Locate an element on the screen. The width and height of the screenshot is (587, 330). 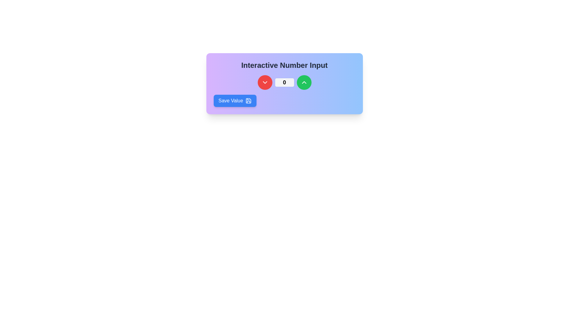
the circular green button with a white upward chevron icon to increment the numeric input is located at coordinates (304, 82).